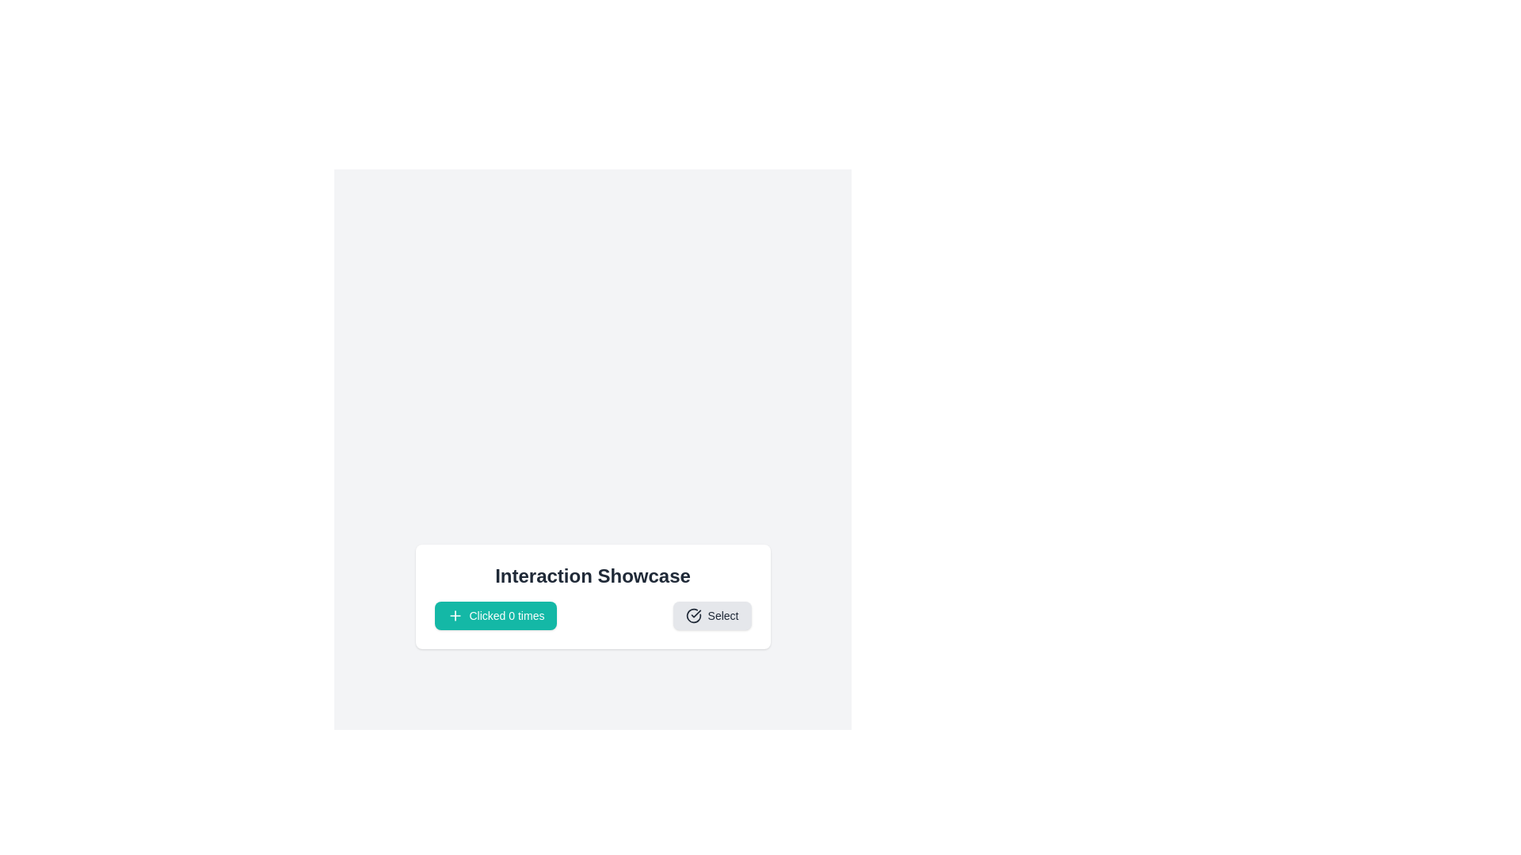  What do you see at coordinates (494, 615) in the screenshot?
I see `the increment counter button located in the 'Interaction Showcase' section to receive visual feedback before clicking` at bounding box center [494, 615].